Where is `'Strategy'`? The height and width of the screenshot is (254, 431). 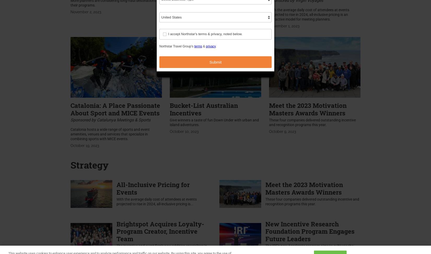
'Strategy' is located at coordinates (90, 164).